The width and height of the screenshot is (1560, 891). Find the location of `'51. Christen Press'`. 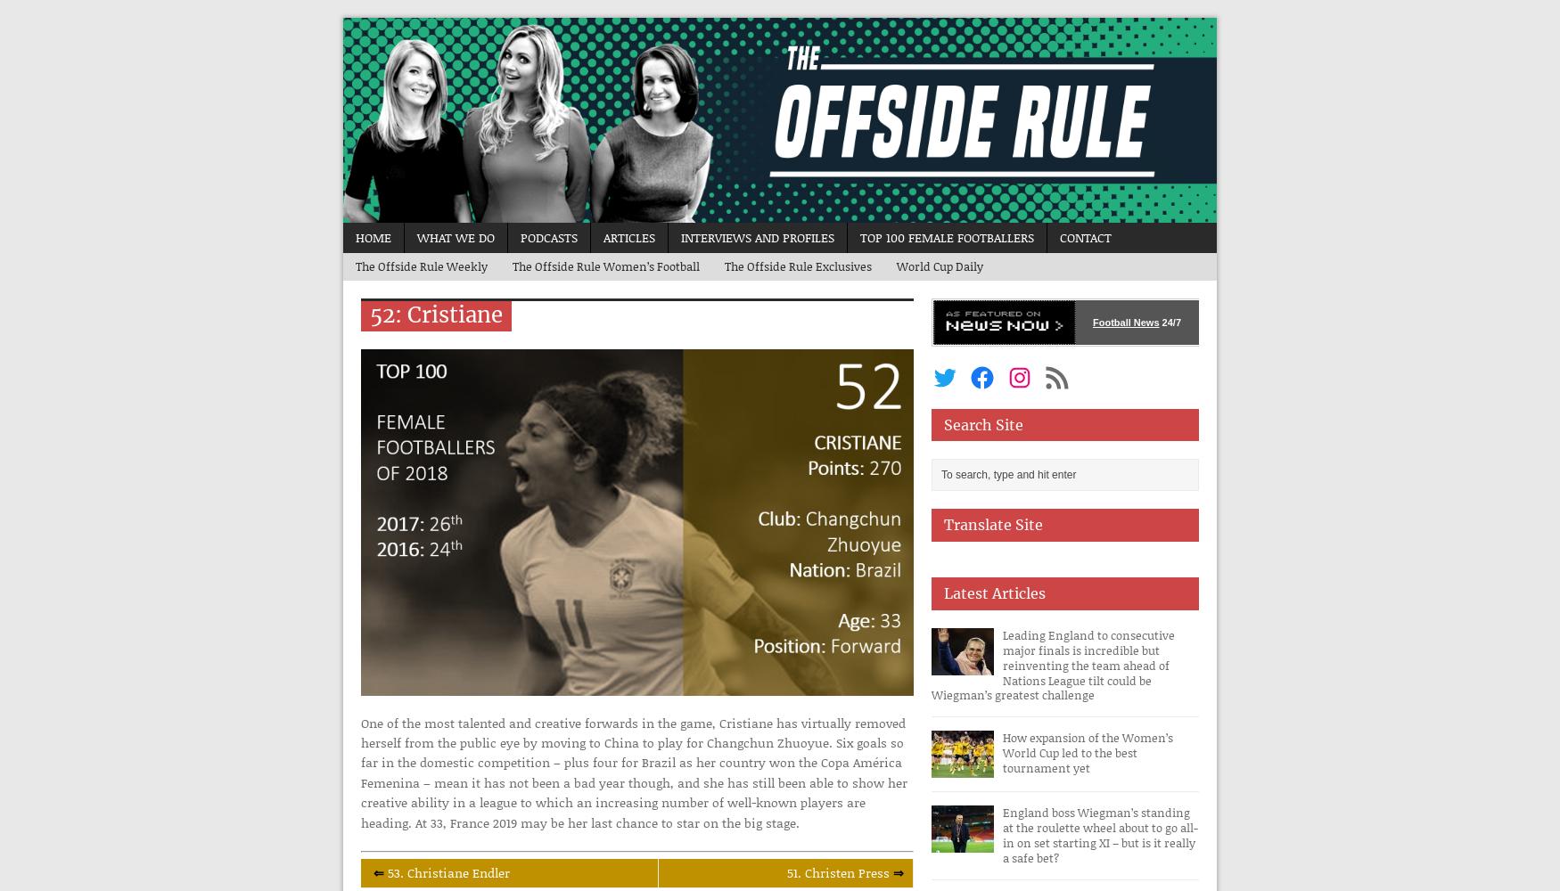

'51. Christen Press' is located at coordinates (786, 871).